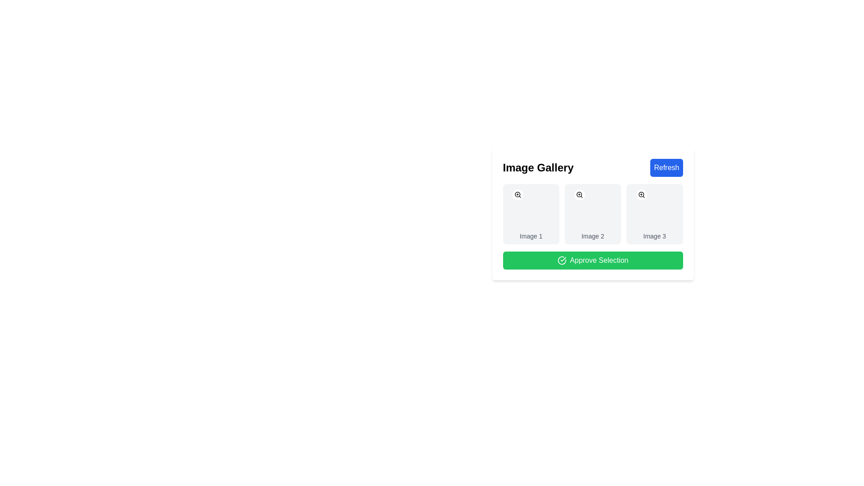  I want to click on the 'Approve Selection' icon, which visually represents the action of confirming a selection and is positioned on the left end of the button's text label, so click(561, 260).